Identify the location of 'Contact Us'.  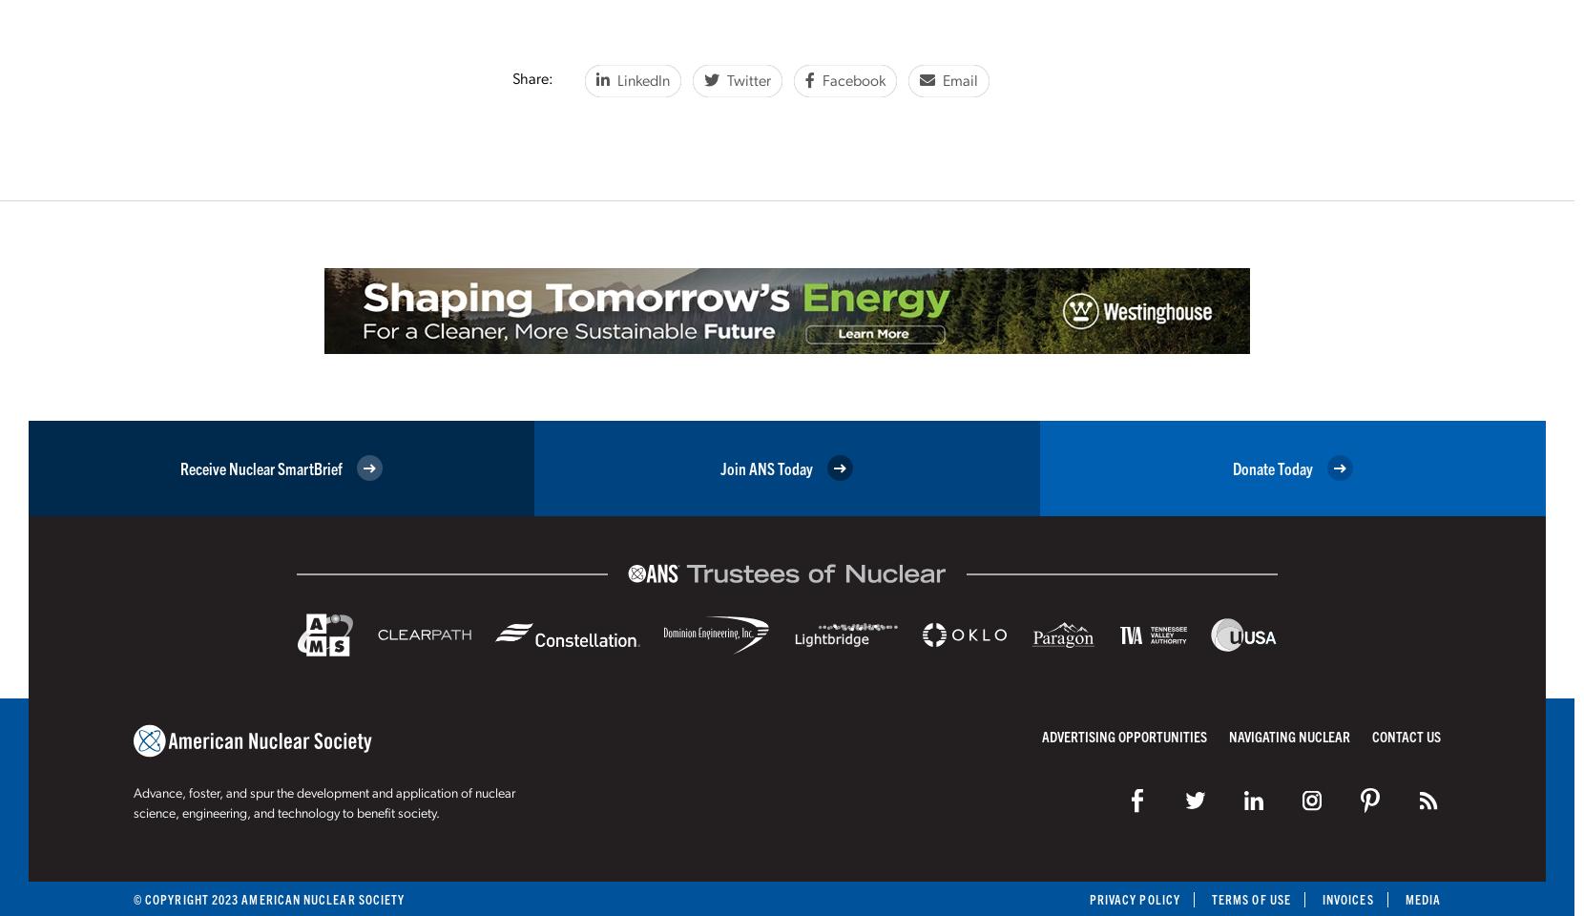
(1406, 734).